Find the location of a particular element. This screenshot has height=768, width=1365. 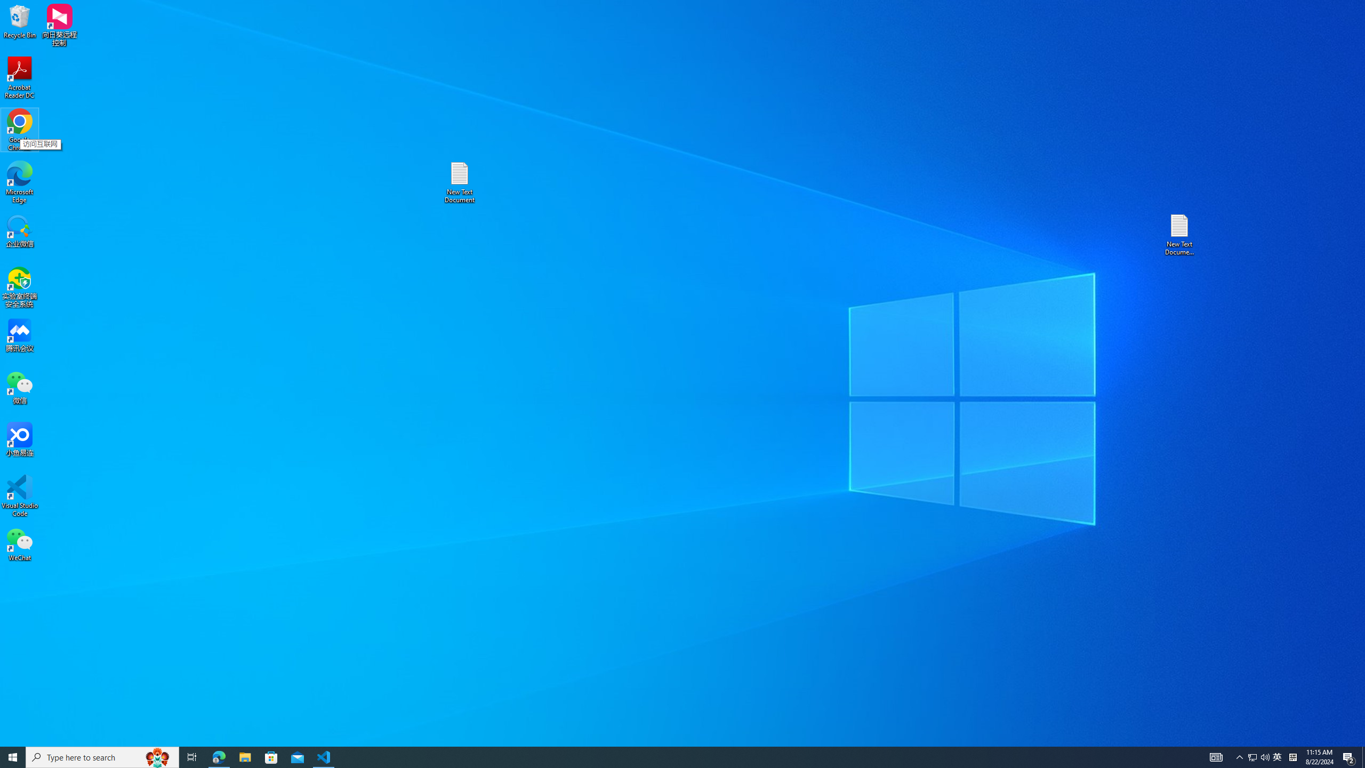

'Google Chrome' is located at coordinates (19, 130).